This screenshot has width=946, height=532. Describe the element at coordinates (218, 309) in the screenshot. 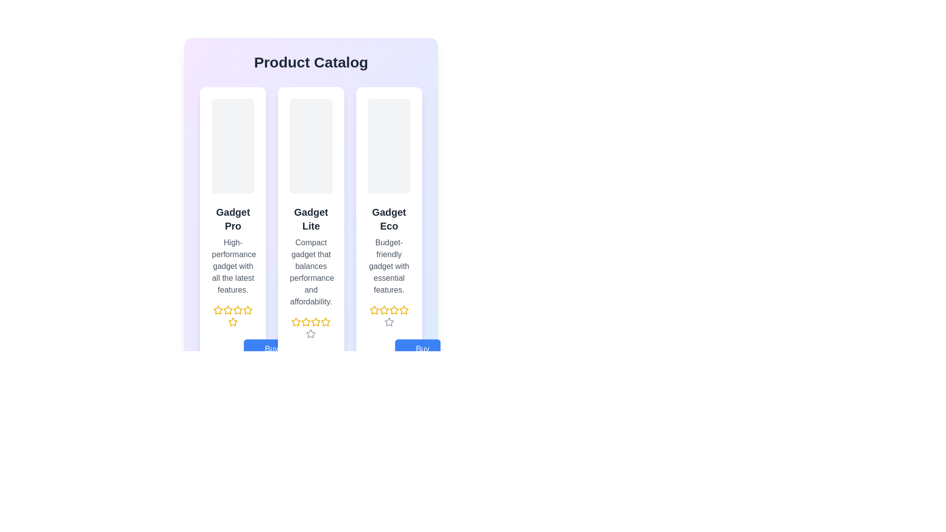

I see `the first star icon` at that location.